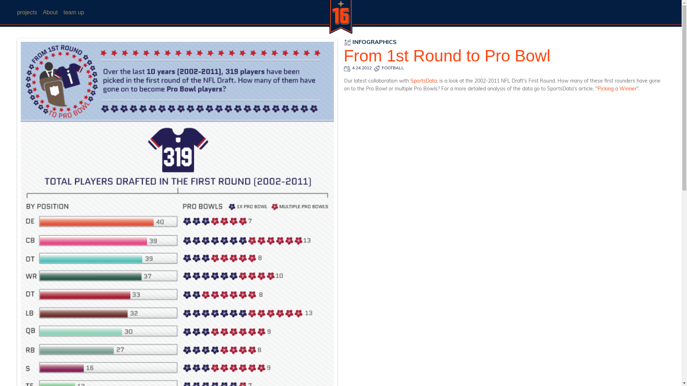  Describe the element at coordinates (370, 43) in the screenshot. I see `'INFOGRAPHICS'` at that location.